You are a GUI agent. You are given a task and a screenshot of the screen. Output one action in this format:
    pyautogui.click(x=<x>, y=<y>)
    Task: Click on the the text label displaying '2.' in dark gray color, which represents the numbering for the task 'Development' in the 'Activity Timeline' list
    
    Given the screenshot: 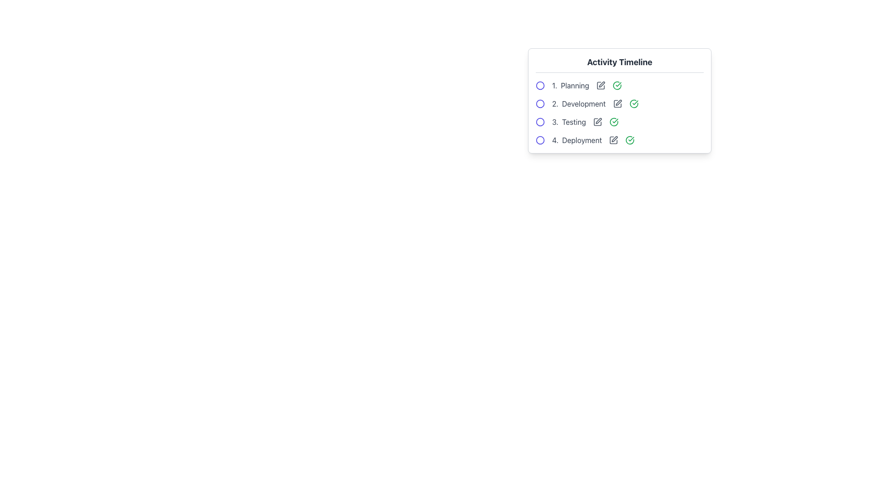 What is the action you would take?
    pyautogui.click(x=554, y=103)
    